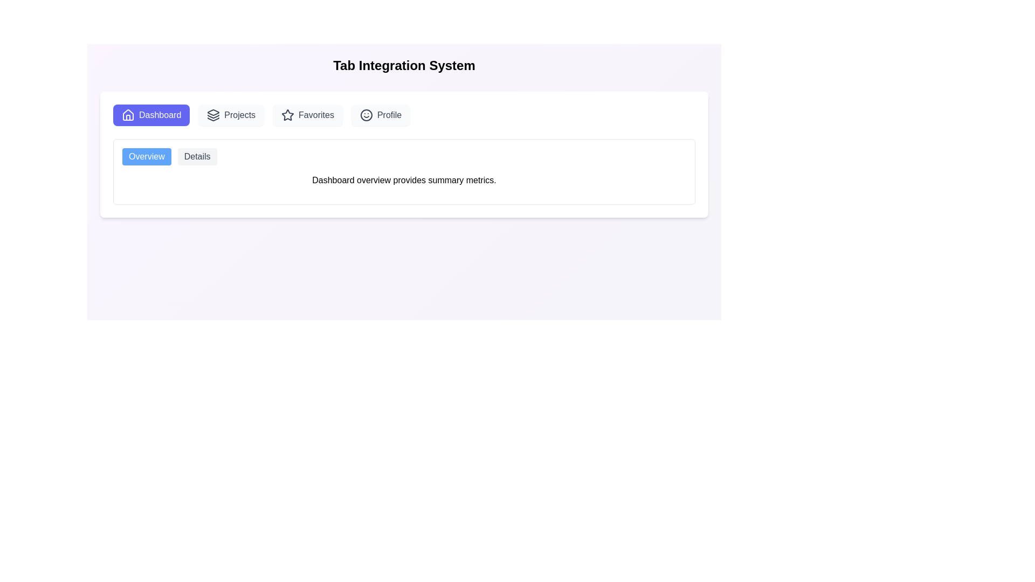 The height and width of the screenshot is (582, 1035). Describe the element at coordinates (381, 115) in the screenshot. I see `the 'Profile' button` at that location.